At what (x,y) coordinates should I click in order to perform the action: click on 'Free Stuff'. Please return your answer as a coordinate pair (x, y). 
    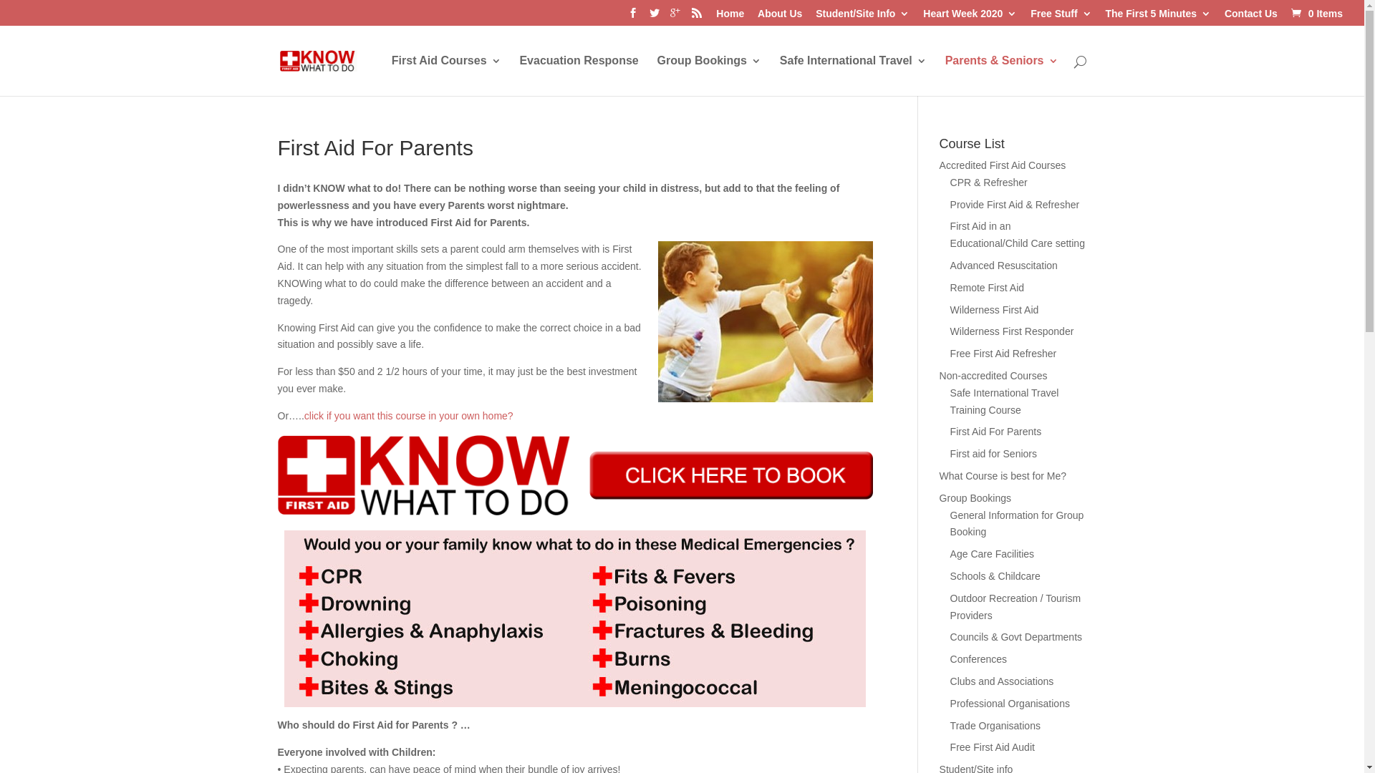
    Looking at the image, I should click on (1030, 17).